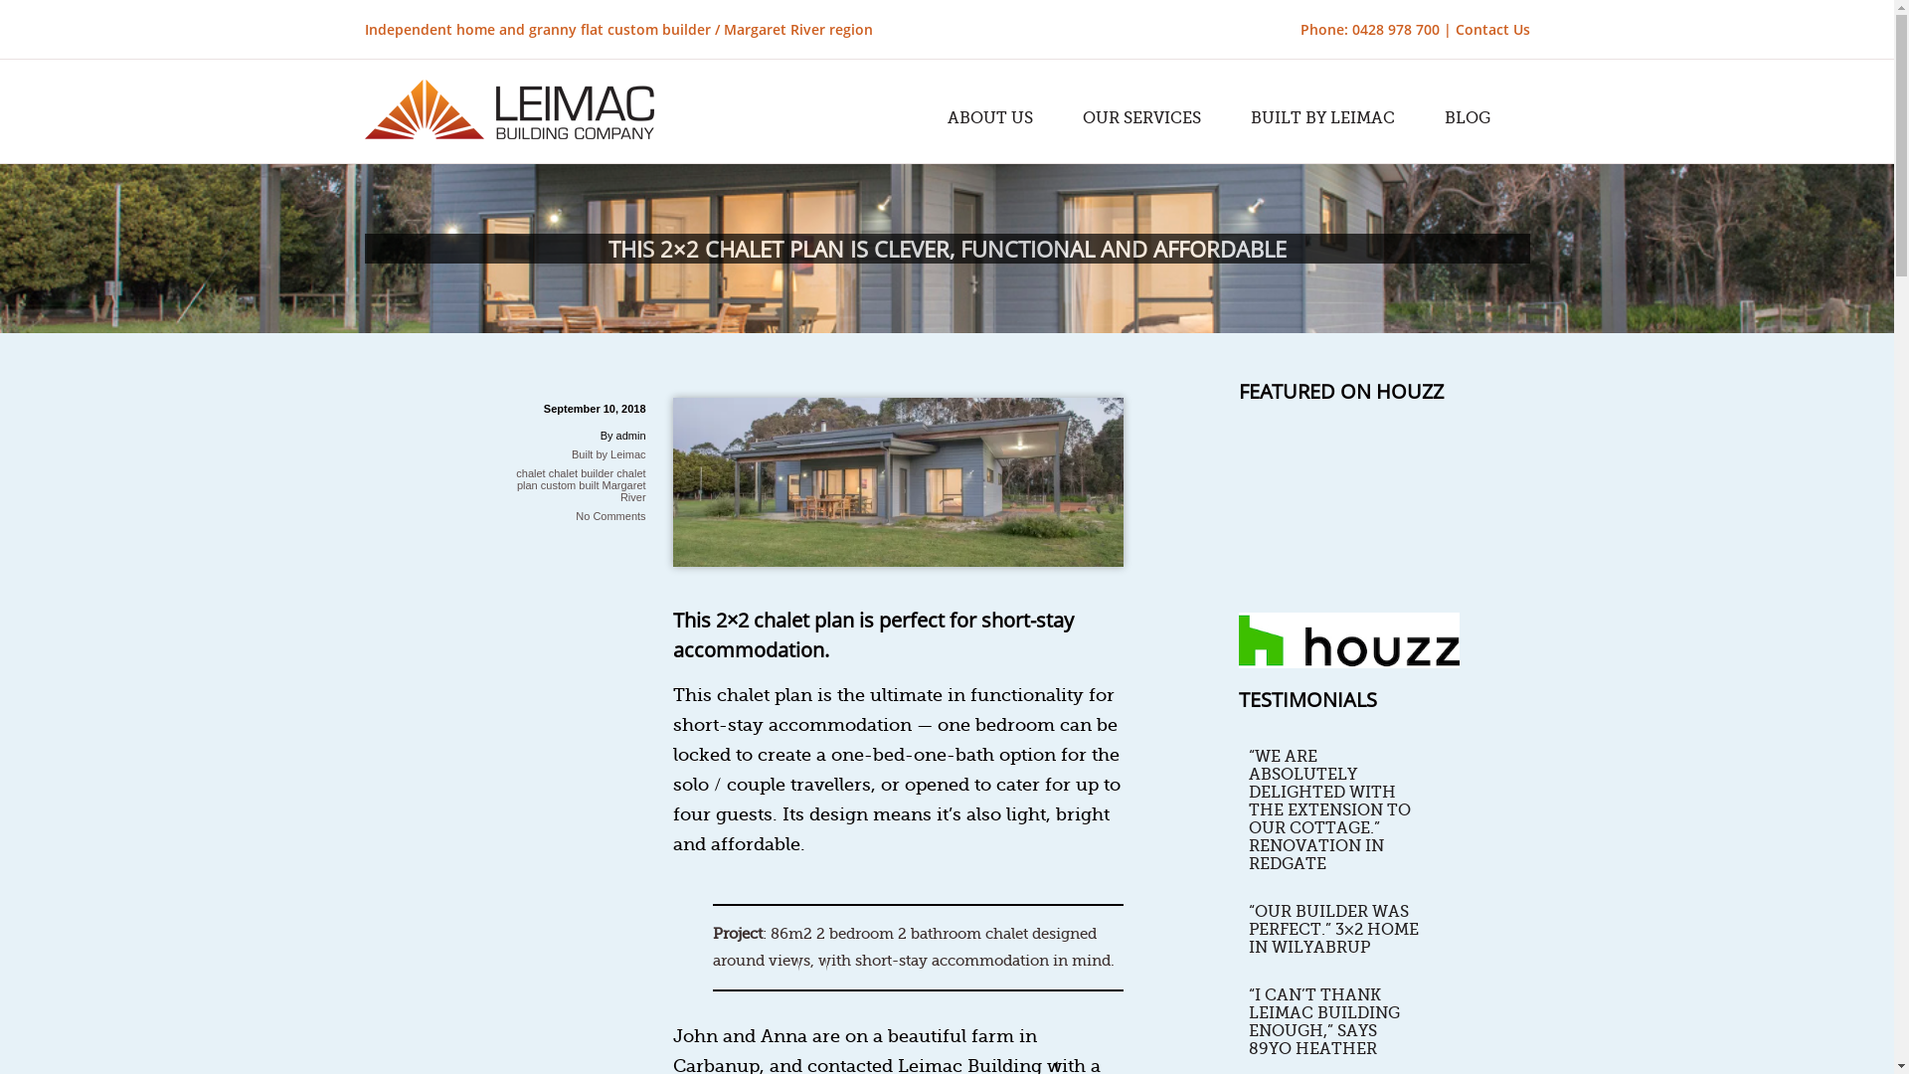  I want to click on 'BUILT BY LEIMAC', so click(1322, 118).